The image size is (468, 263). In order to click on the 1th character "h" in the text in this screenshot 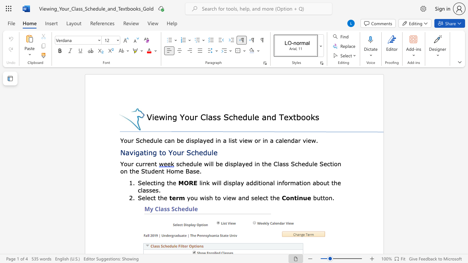, I will do `click(197, 152)`.